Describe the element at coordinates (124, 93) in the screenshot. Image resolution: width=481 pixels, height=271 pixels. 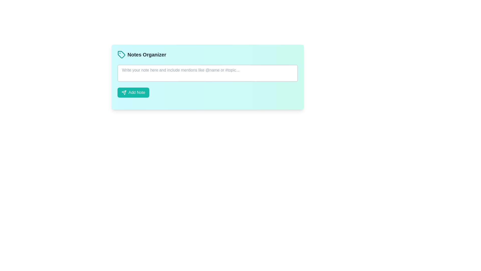
I see `the 'send' icon located at the top-left corner of the 'Add Note' button, which visually reinforces the button's function to transmit or add a note` at that location.